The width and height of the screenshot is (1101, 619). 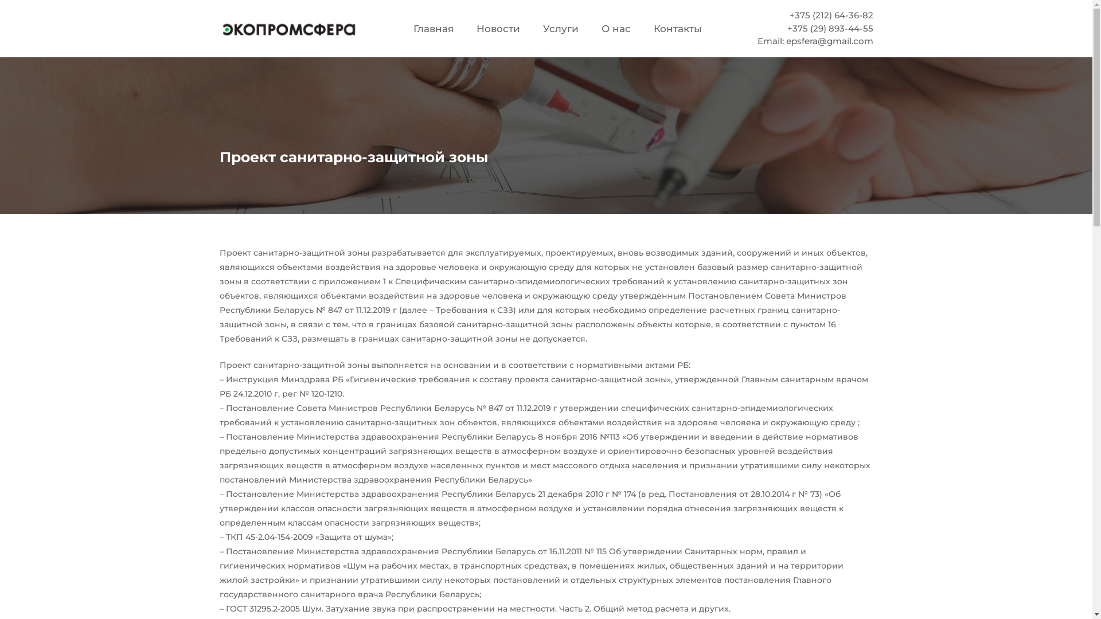 I want to click on '+375 (29) 893-44-55', so click(x=830, y=28).